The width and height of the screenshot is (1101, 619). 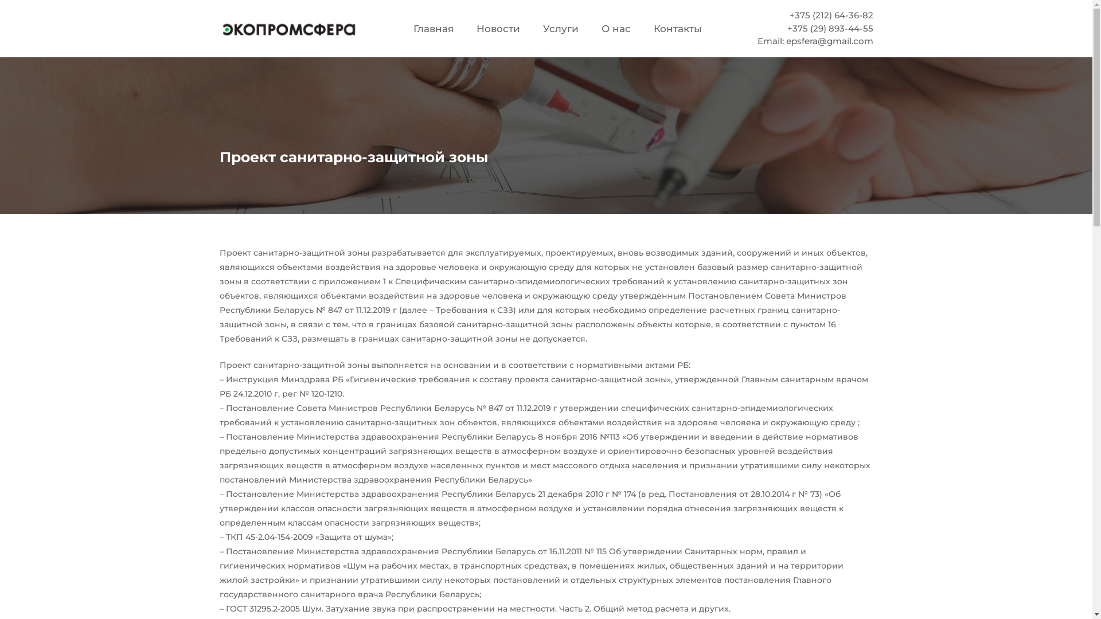 I want to click on '+375 (29) 893-44-55', so click(x=830, y=28).